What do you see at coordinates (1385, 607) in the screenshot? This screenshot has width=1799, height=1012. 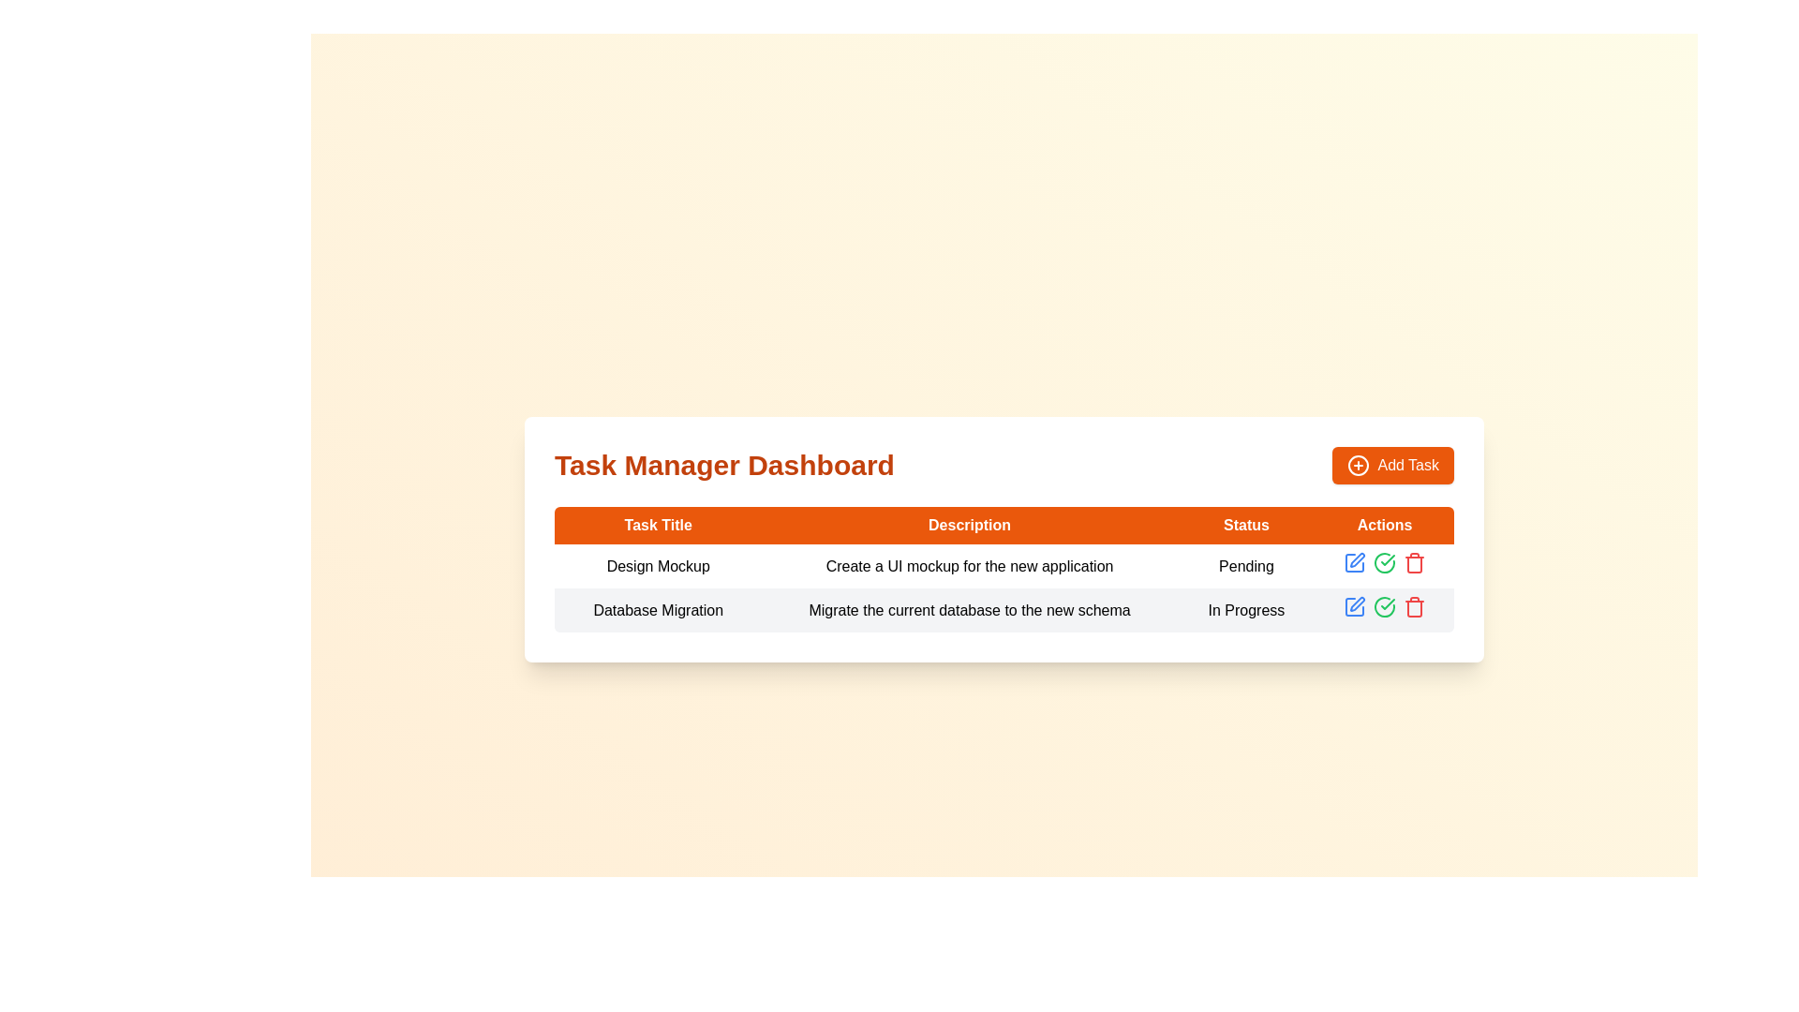 I see `the circular green button with a checkmark icon located in the second row of the 'Actions' column` at bounding box center [1385, 607].